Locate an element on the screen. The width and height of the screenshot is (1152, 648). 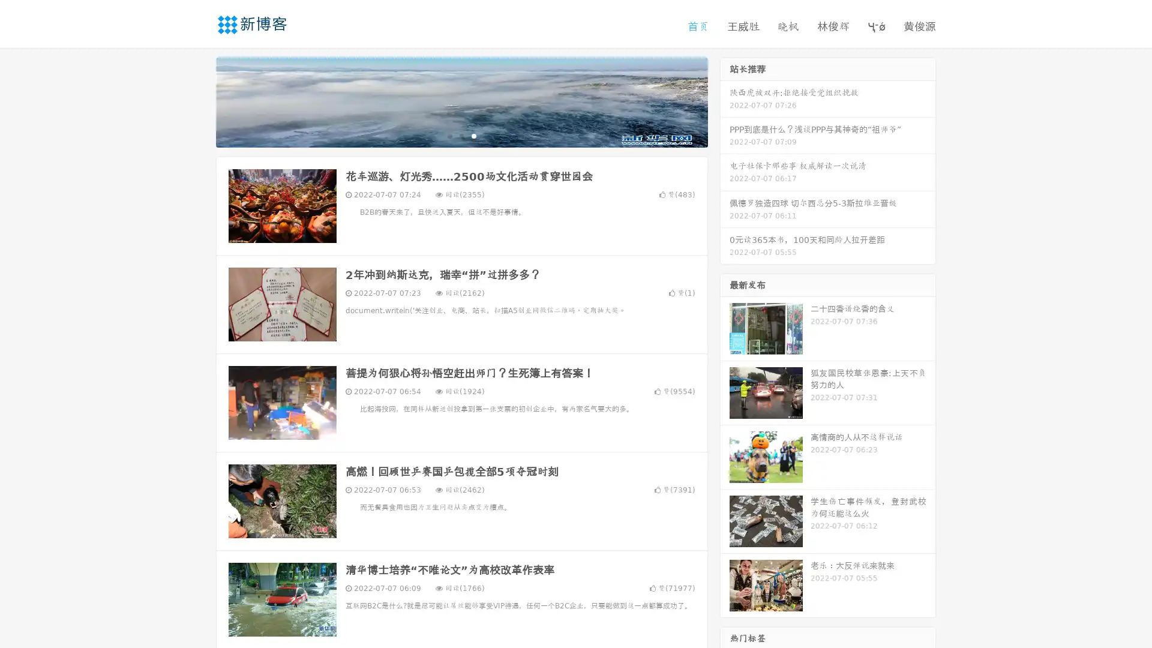
Go to slide 3 is located at coordinates (473, 135).